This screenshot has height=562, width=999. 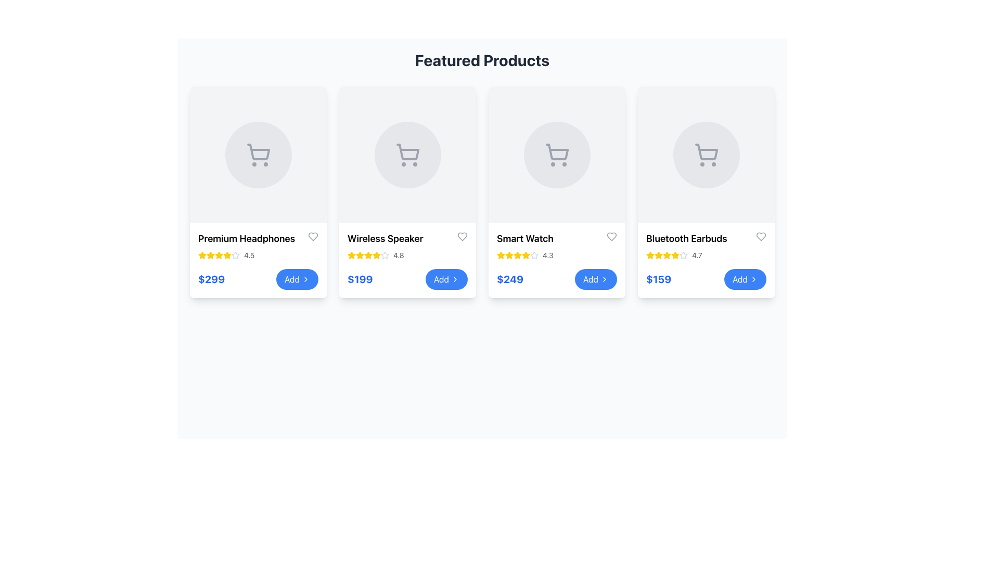 I want to click on the 'Add' button with a blue background located below the 'Smart Watch' product card in the third column of the 'Featured Products' grid for a hover effect, so click(x=596, y=278).